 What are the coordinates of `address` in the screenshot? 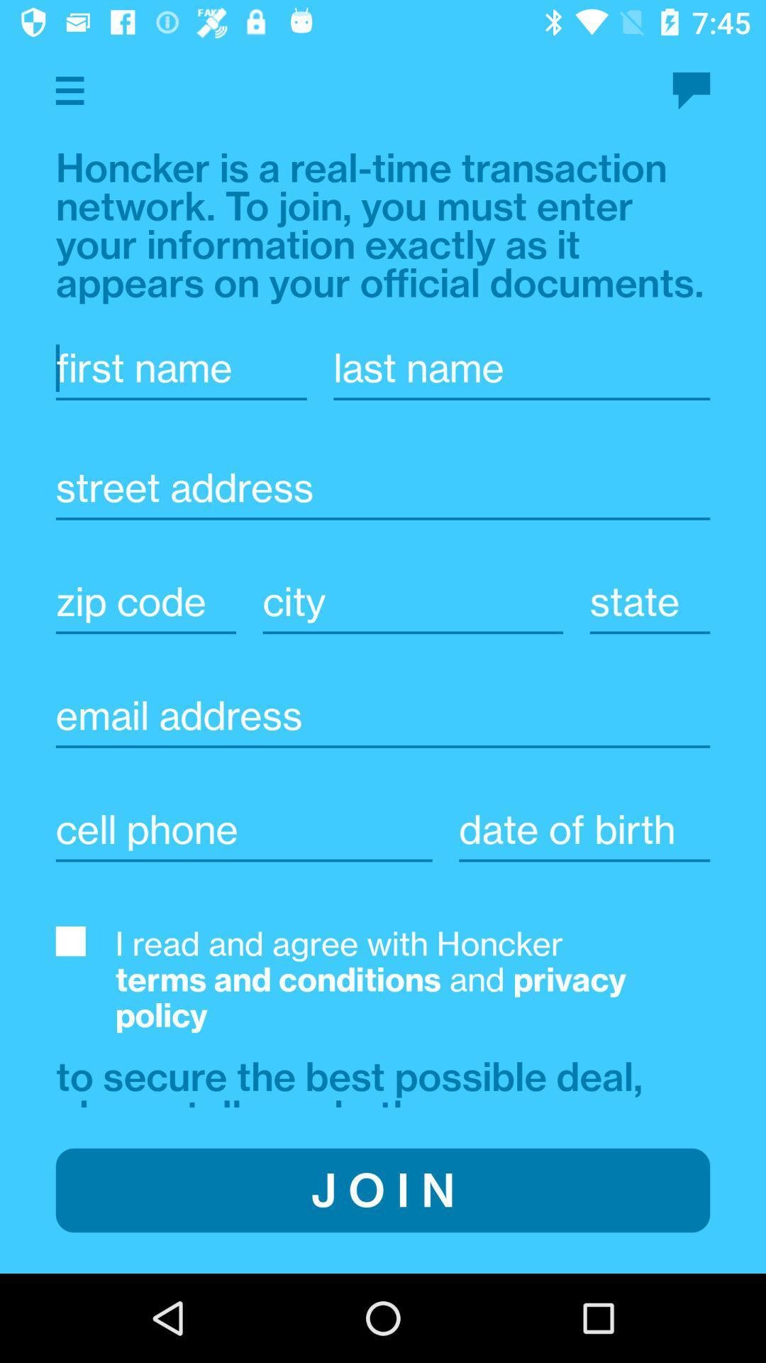 It's located at (383, 488).